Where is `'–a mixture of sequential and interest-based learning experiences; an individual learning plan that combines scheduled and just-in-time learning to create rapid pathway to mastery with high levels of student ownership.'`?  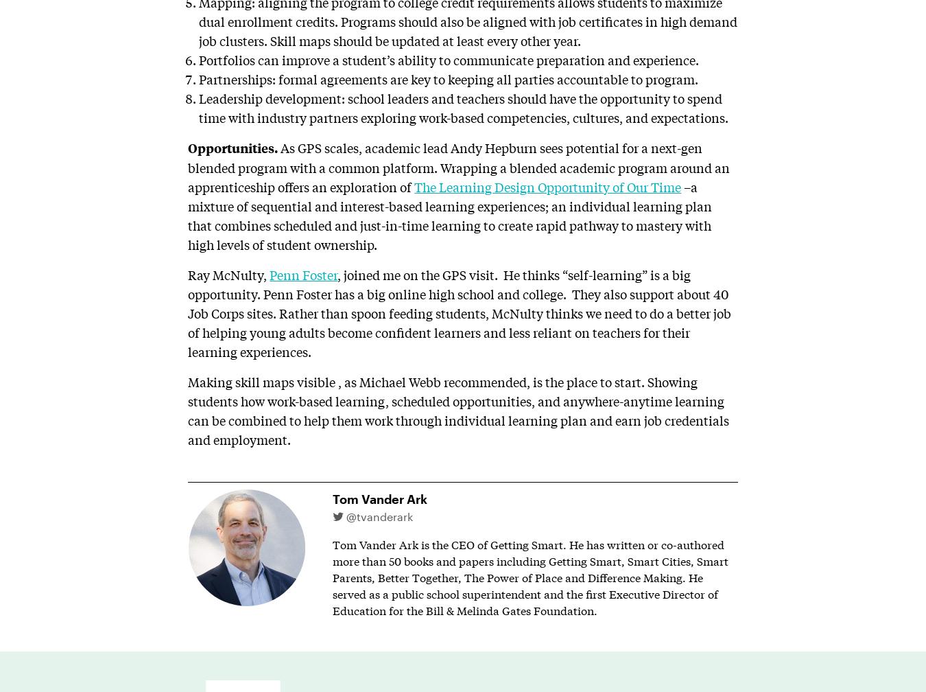
'–a mixture of sequential and interest-based learning experiences; an individual learning plan that combines scheduled and just-in-time learning to create rapid pathway to mastery with high levels of student ownership.' is located at coordinates (449, 214).